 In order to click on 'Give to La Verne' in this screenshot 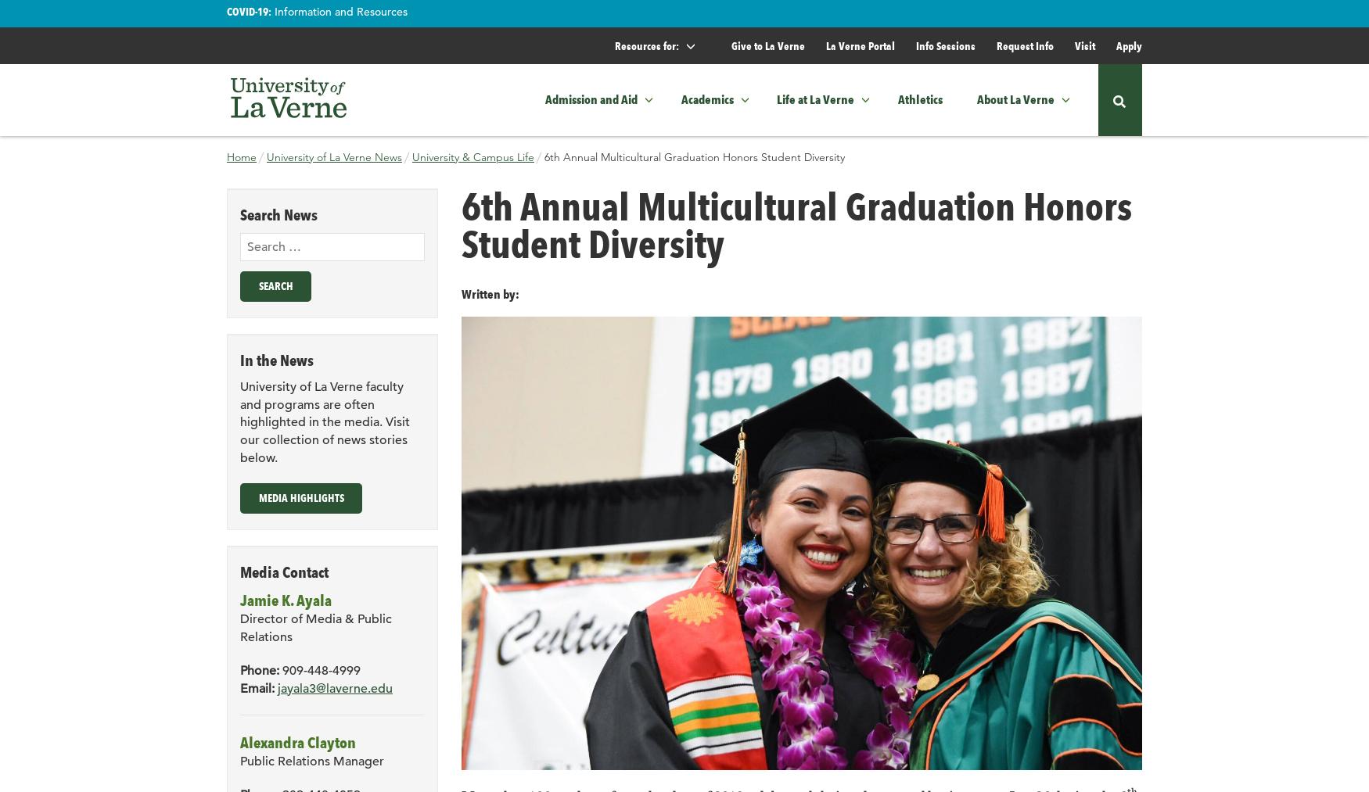, I will do `click(767, 45)`.